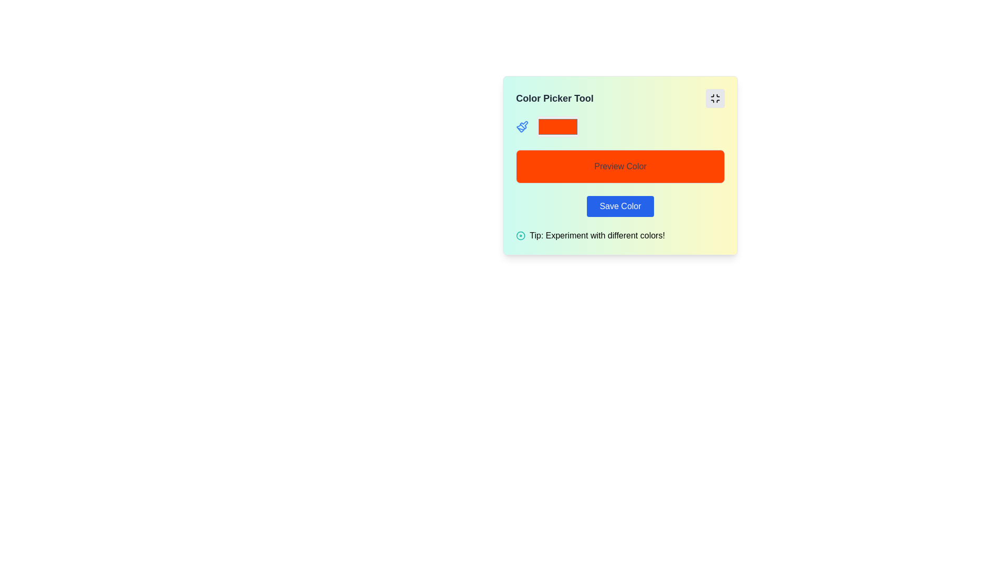 The height and width of the screenshot is (566, 1007). I want to click on the button that confirms the selected color, located below the 'Preview Color' button and above the 'Tip: Experiment with different colors!' text, so click(620, 206).